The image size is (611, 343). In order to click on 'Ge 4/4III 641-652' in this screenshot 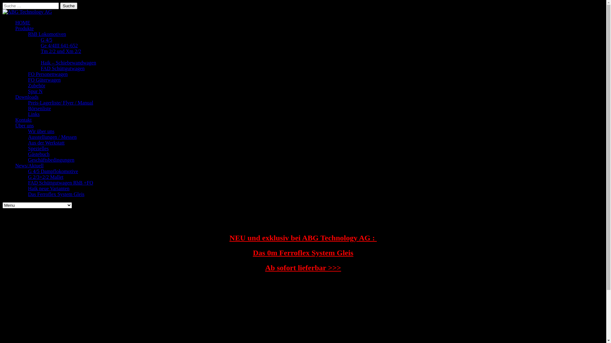, I will do `click(40, 45)`.